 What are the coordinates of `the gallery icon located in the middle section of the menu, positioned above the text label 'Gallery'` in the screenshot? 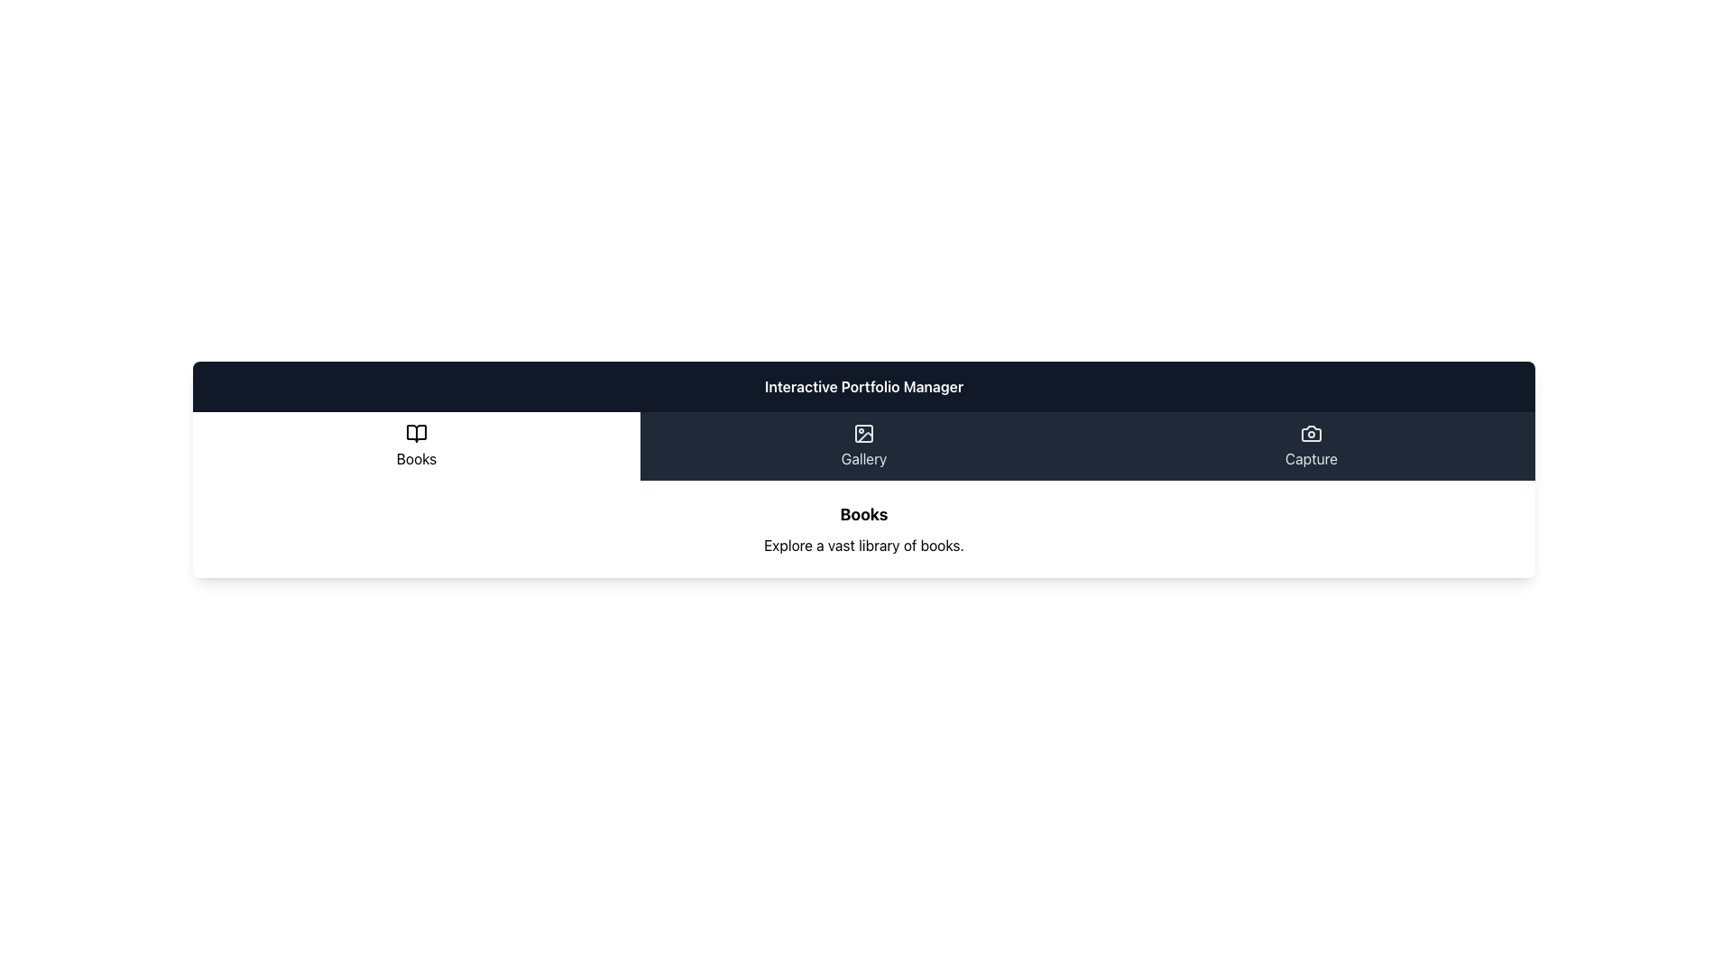 It's located at (863, 434).